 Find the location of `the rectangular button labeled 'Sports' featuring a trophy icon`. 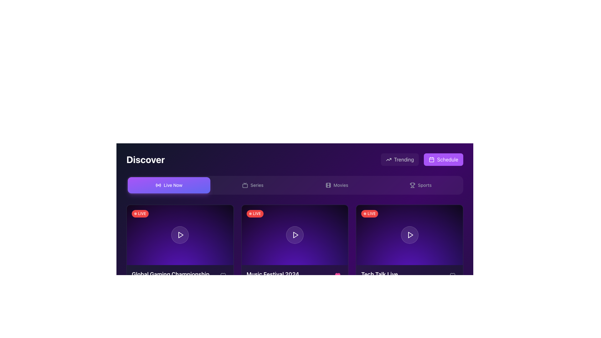

the rectangular button labeled 'Sports' featuring a trophy icon is located at coordinates (421, 185).